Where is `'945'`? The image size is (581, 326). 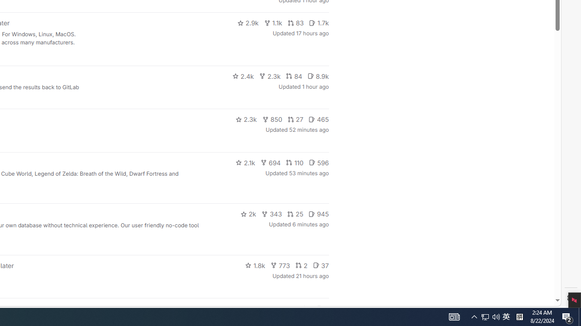
'945' is located at coordinates (319, 214).